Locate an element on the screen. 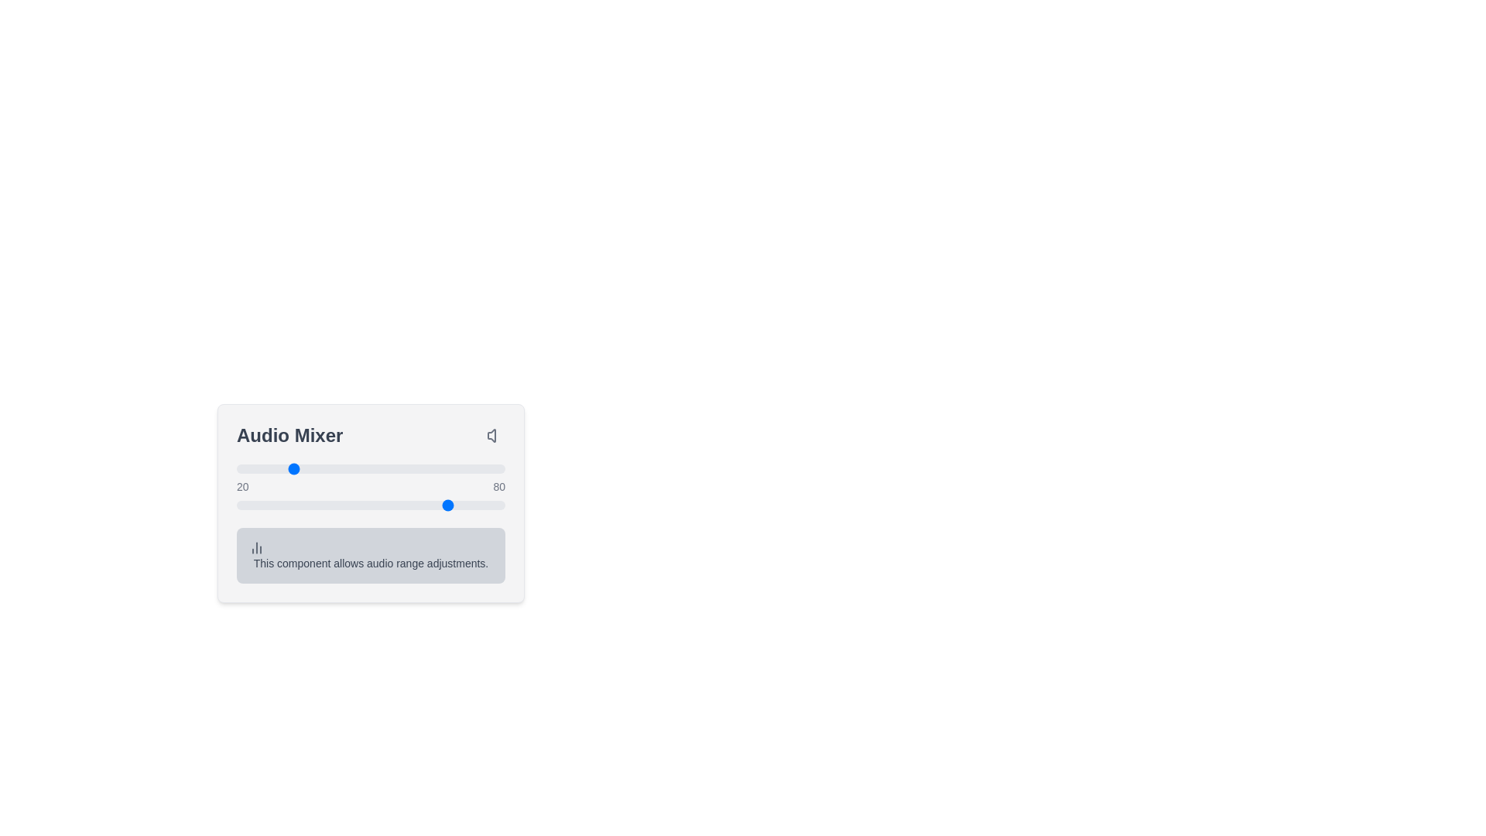 The height and width of the screenshot is (836, 1486). the slider is located at coordinates (370, 468).